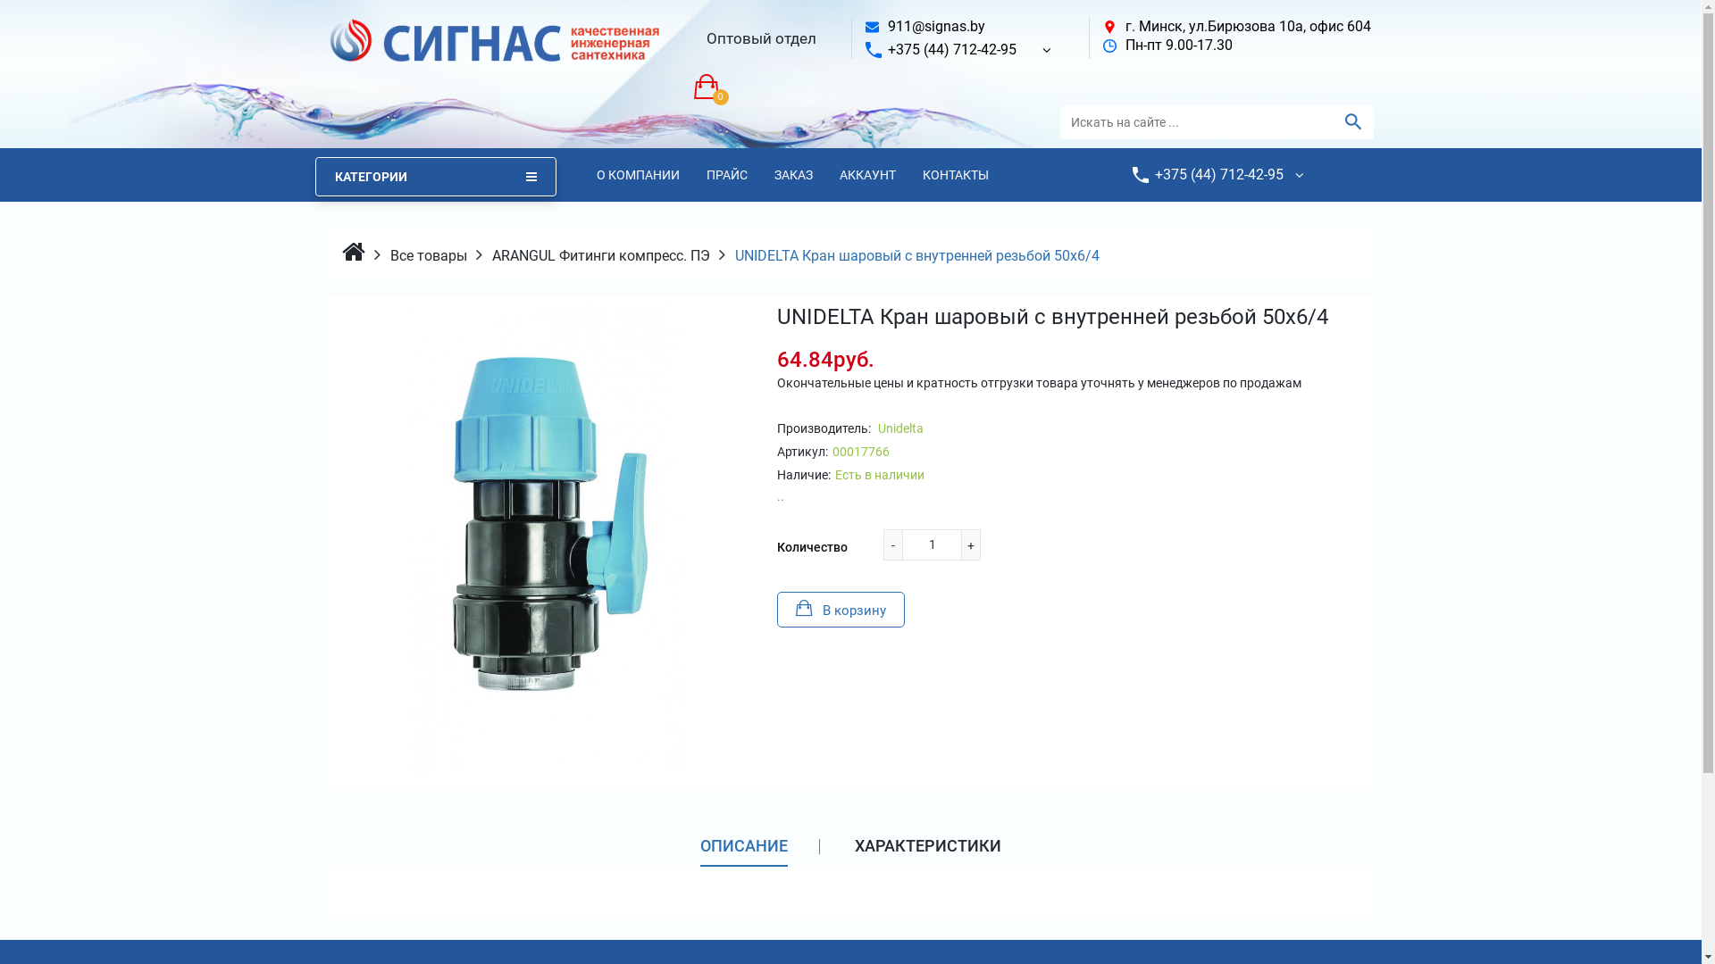 This screenshot has width=1715, height=964. What do you see at coordinates (692, 86) in the screenshot?
I see `'0'` at bounding box center [692, 86].